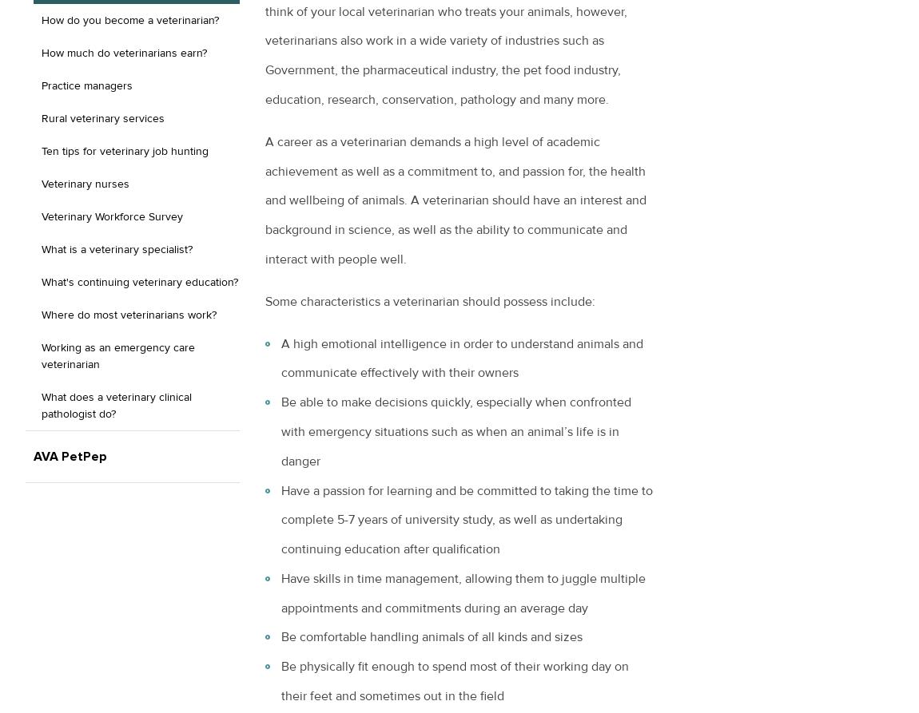  Describe the element at coordinates (456, 430) in the screenshot. I see `'Be able to make decisions quickly, especially when confronted with emergency situations such as when an animal’s life is in danger'` at that location.